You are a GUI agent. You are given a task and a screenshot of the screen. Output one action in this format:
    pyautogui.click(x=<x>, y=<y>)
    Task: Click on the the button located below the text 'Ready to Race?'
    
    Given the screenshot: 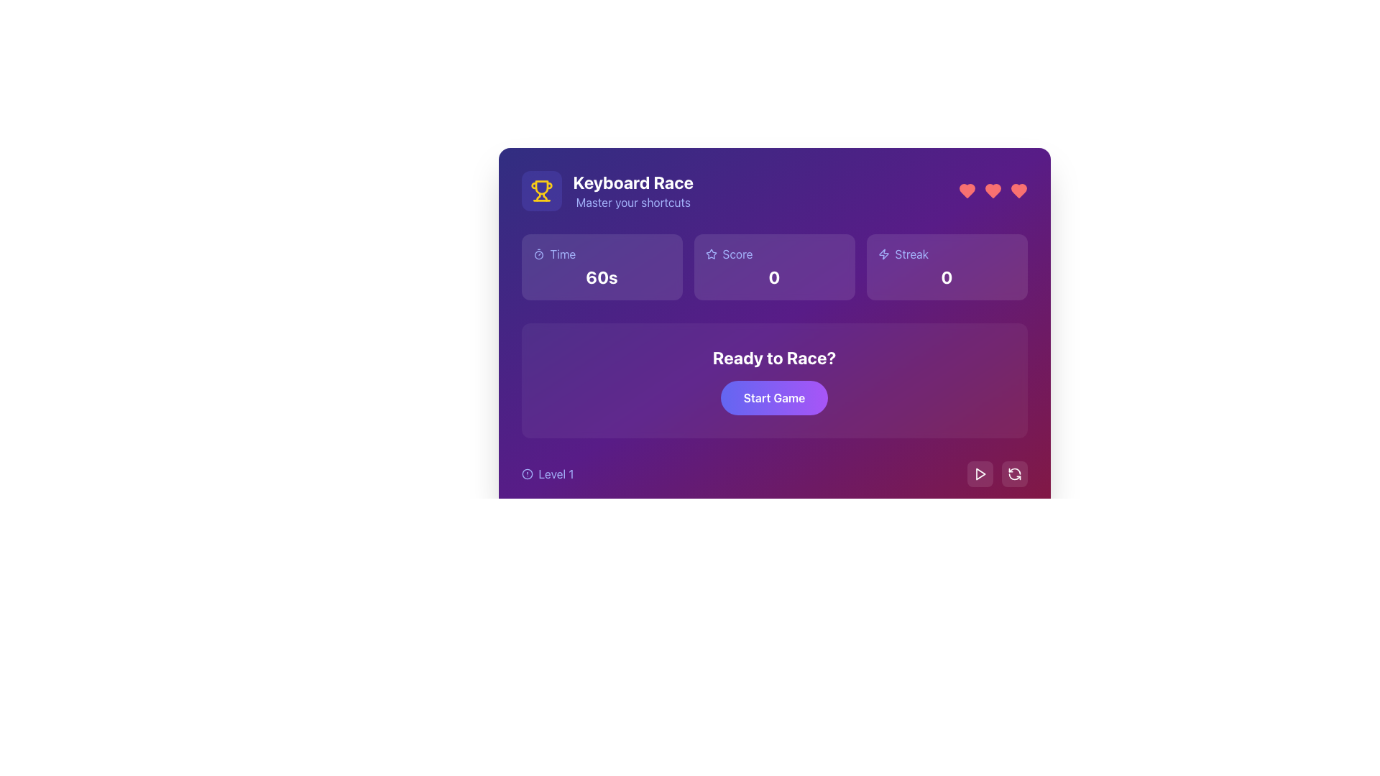 What is the action you would take?
    pyautogui.click(x=773, y=398)
    